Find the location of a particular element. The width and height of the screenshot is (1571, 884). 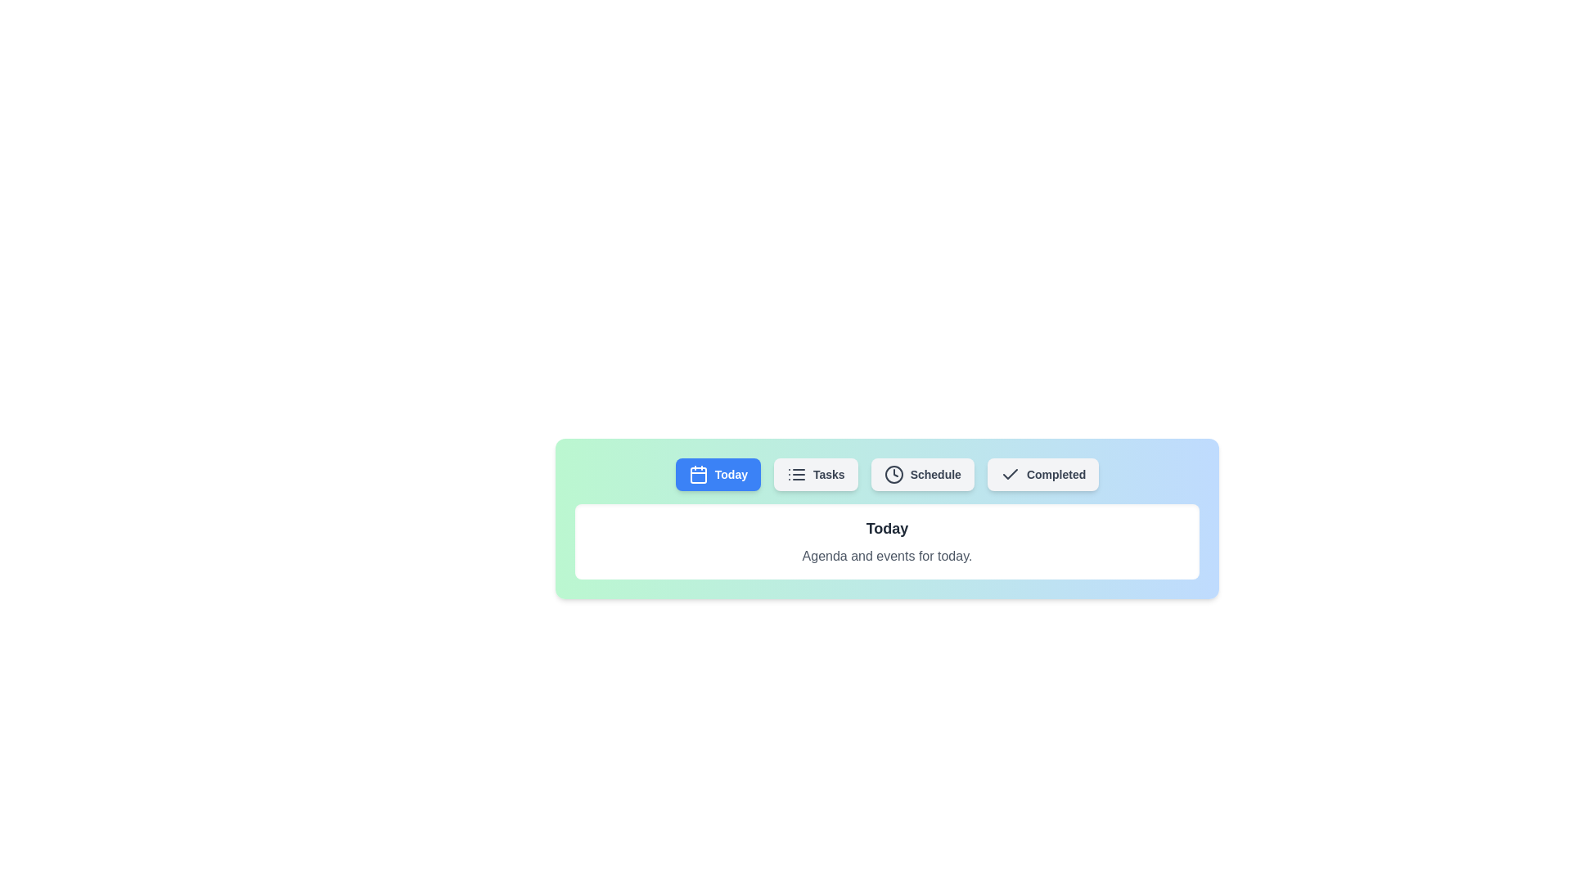

the Schedule tab to switch to its view is located at coordinates (922, 474).